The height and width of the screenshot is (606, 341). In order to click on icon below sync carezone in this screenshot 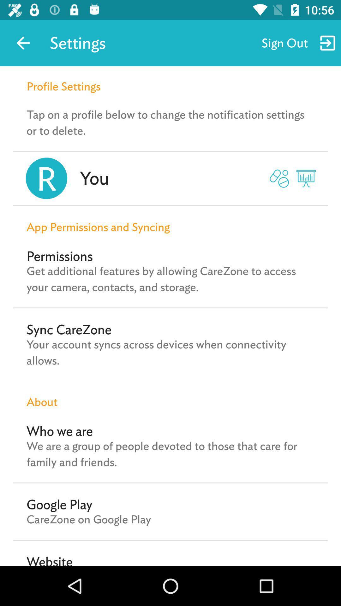, I will do `click(170, 352)`.